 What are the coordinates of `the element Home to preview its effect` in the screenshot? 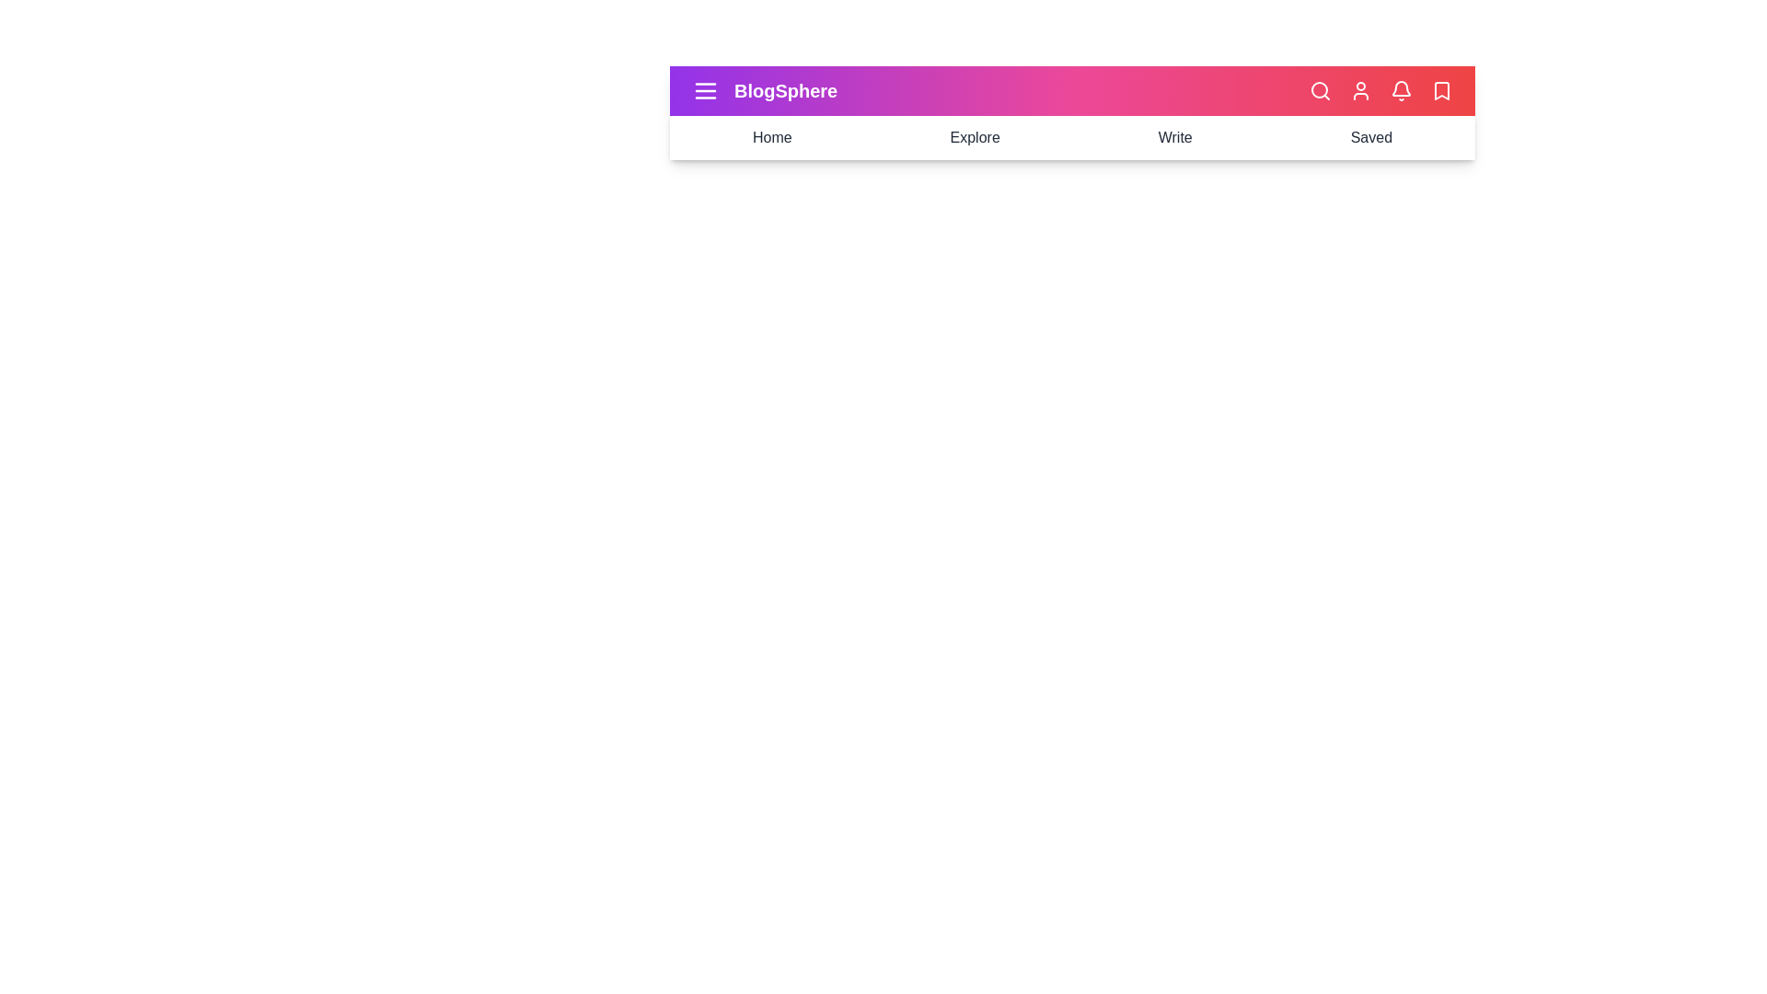 It's located at (772, 137).